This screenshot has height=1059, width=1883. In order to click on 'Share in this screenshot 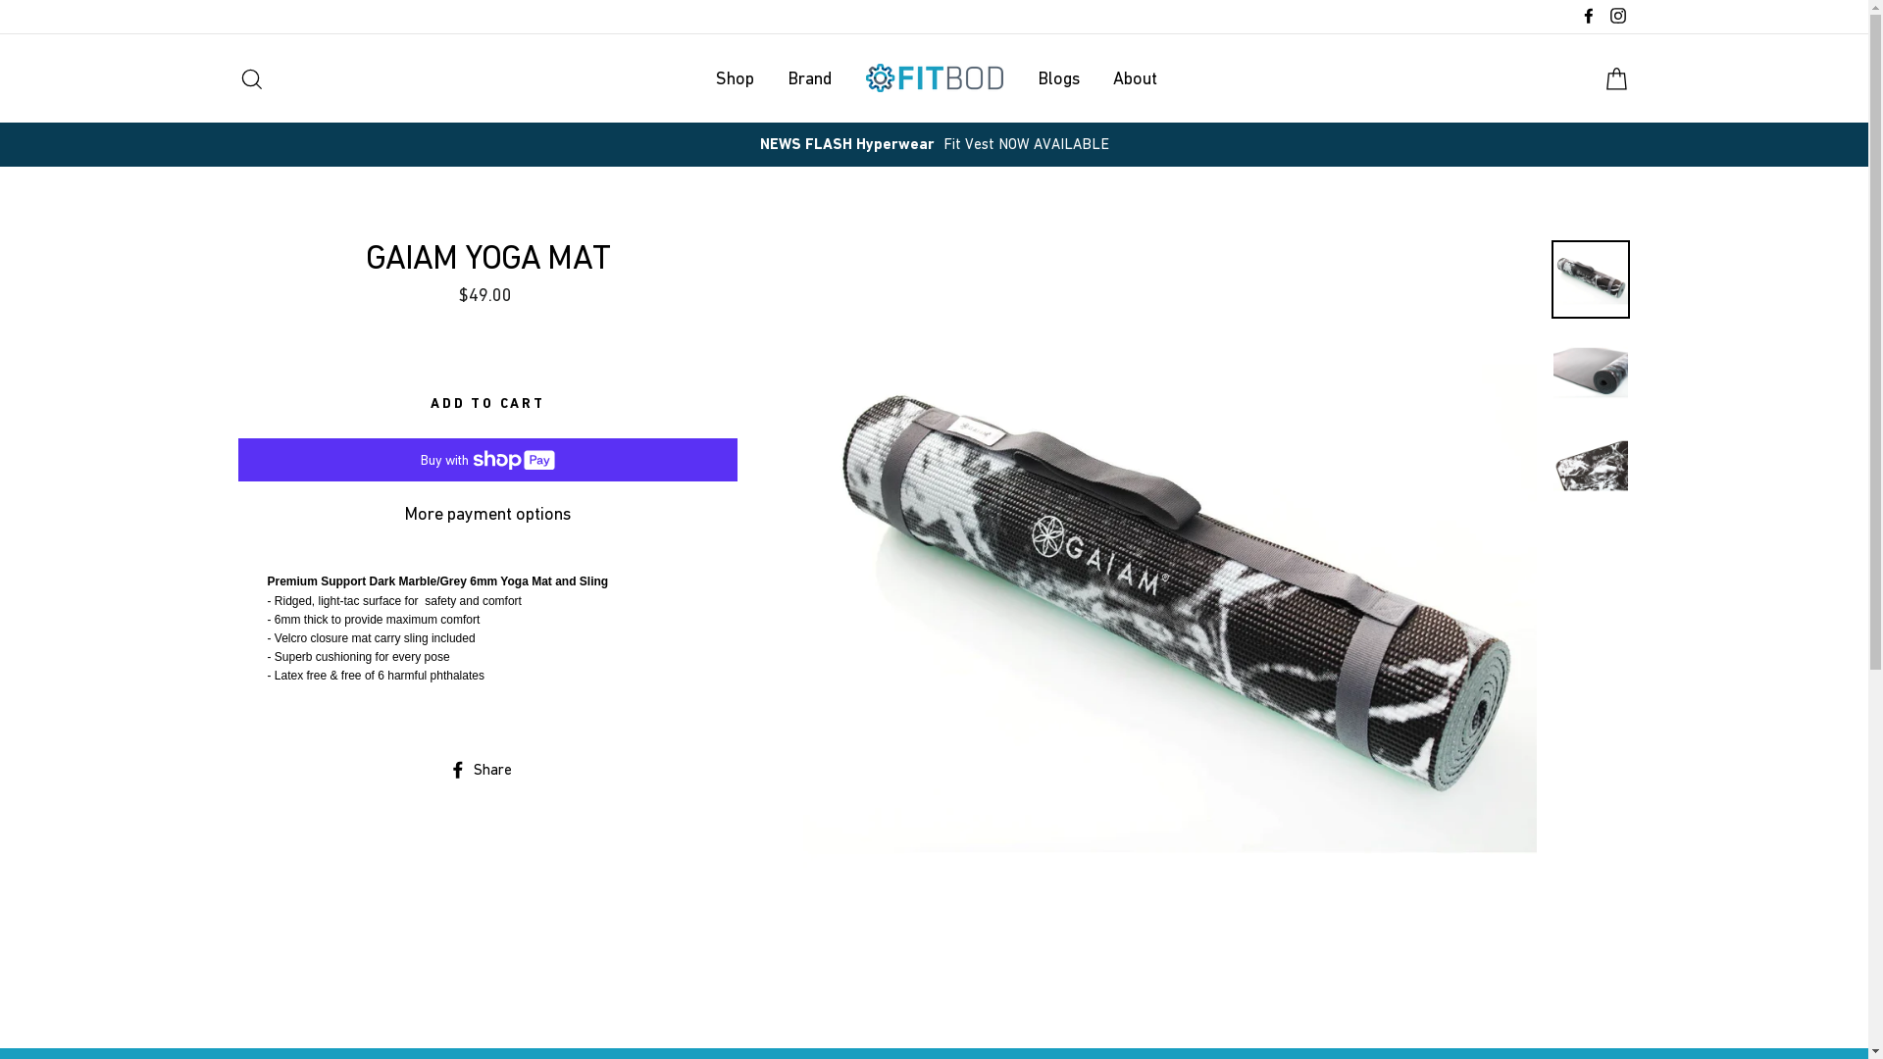, I will do `click(487, 767)`.